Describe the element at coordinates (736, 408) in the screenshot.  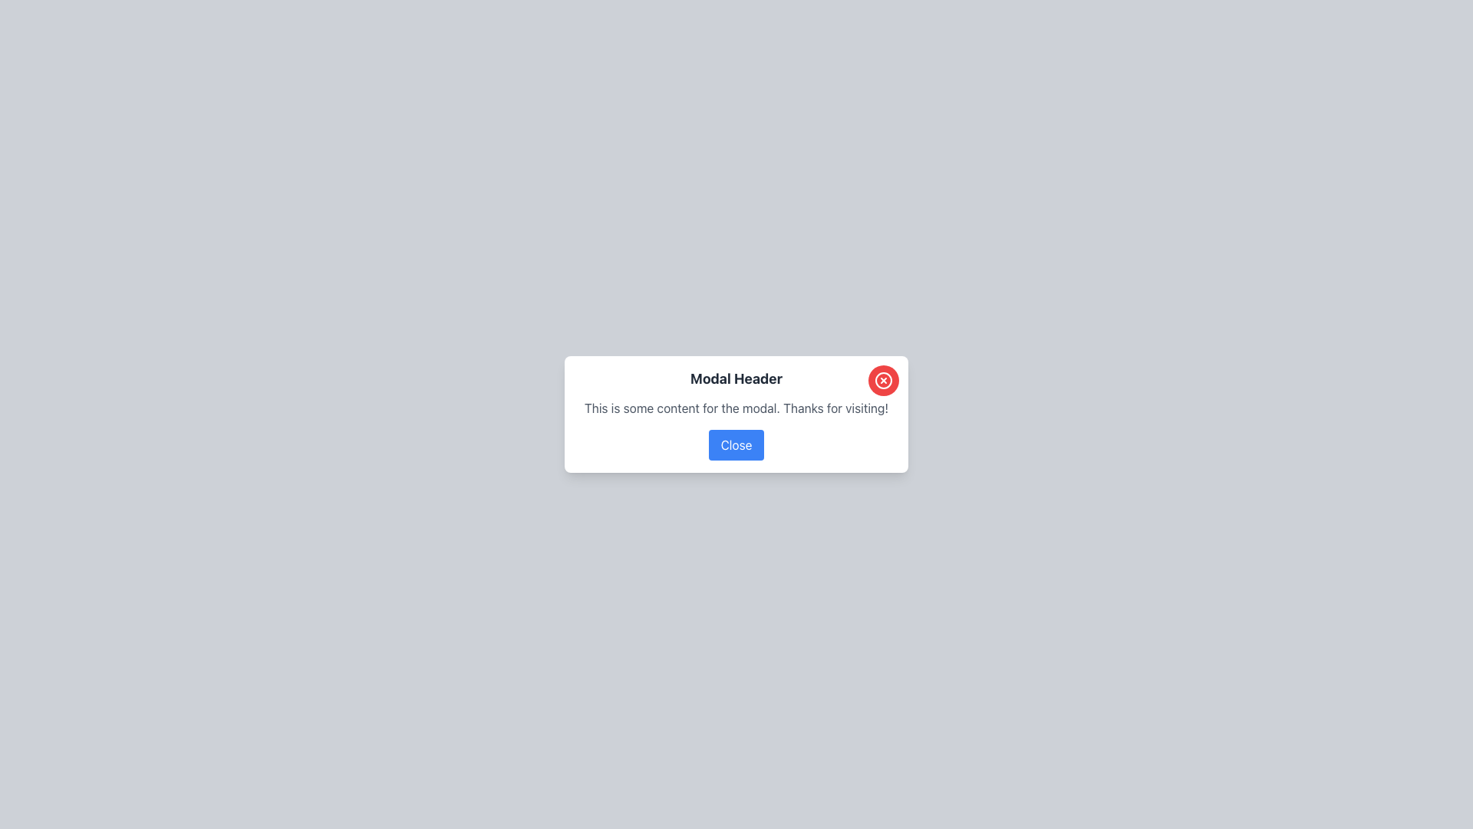
I see `the static text element that displays 'This is some content for the modal. Thanks for visiting!' which is centered in the modal and positioned between the 'Modal Header' and the 'Close' button` at that location.